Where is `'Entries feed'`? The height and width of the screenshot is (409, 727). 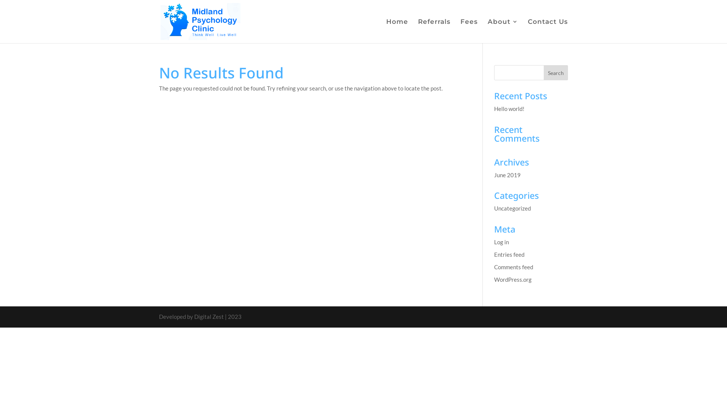 'Entries feed' is located at coordinates (509, 254).